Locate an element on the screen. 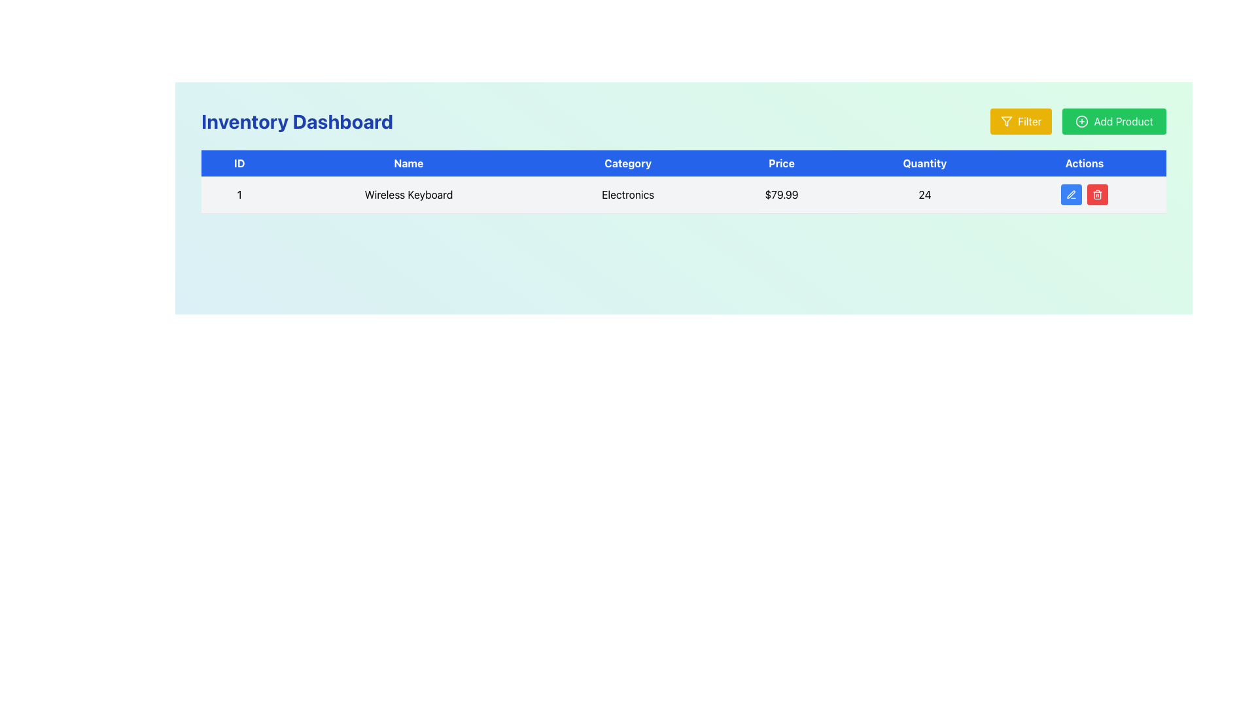 This screenshot has height=706, width=1256. the 'Filter' button by navigating to the funnel-shaped icon located to the left of the text 'Filter' is located at coordinates (1006, 121).